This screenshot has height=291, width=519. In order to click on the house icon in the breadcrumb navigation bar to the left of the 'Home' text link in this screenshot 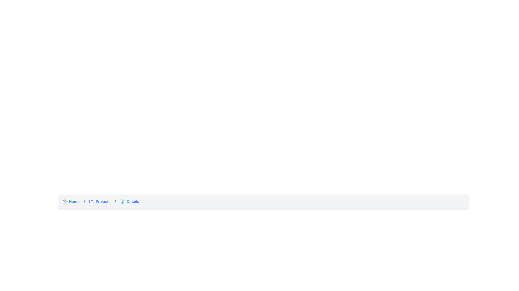, I will do `click(65, 202)`.